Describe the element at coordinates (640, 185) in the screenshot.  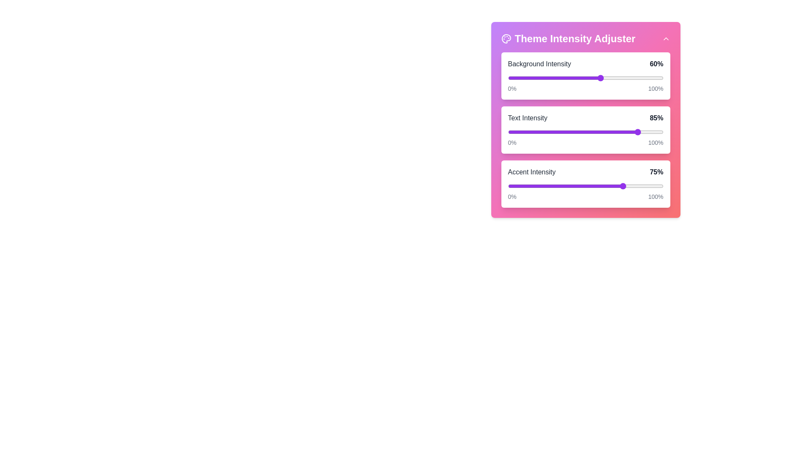
I see `the accent intensity` at that location.